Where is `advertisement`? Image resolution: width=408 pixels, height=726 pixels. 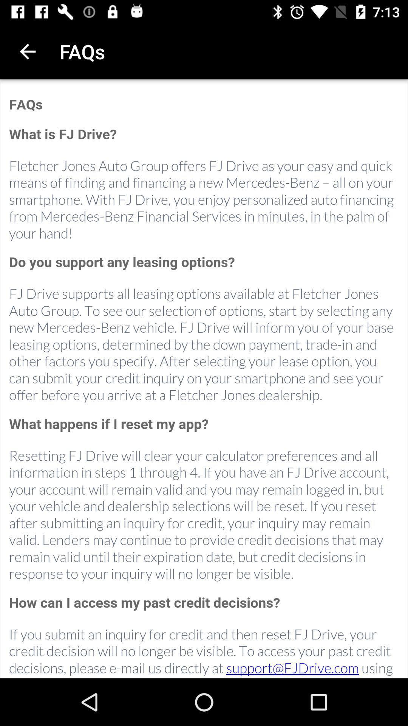 advertisement is located at coordinates (204, 379).